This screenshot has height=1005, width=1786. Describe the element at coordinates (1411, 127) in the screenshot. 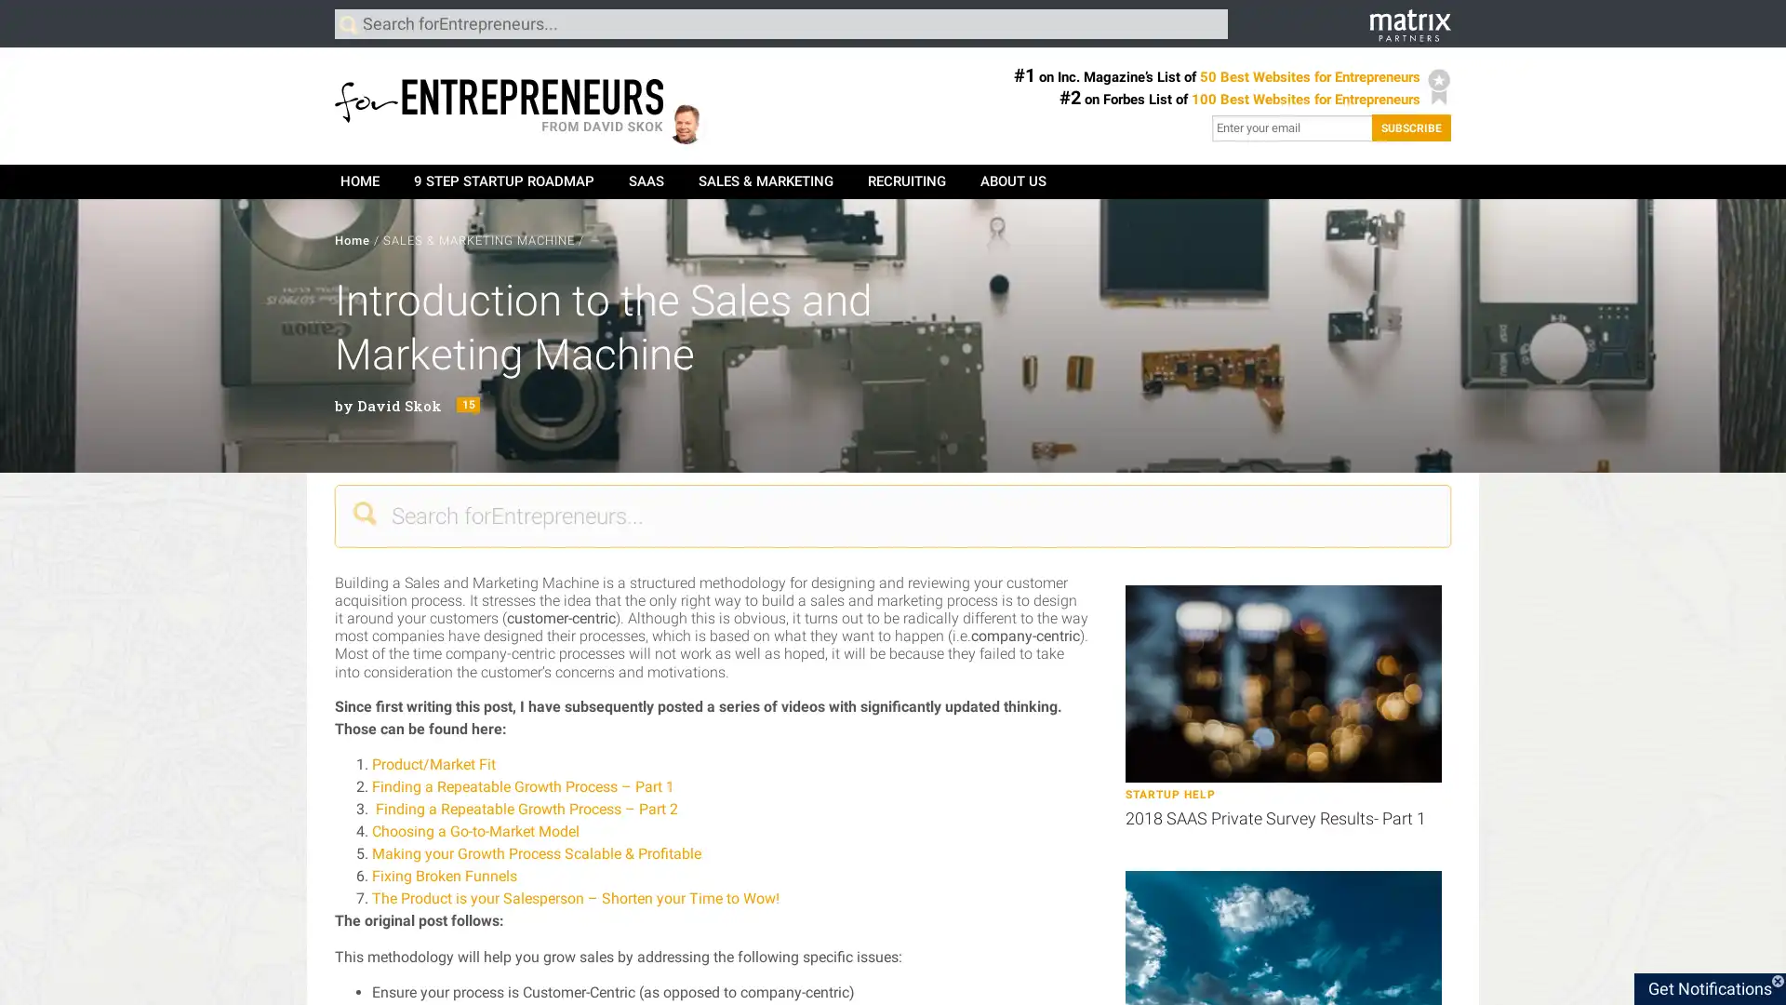

I see `Subscribe` at that location.